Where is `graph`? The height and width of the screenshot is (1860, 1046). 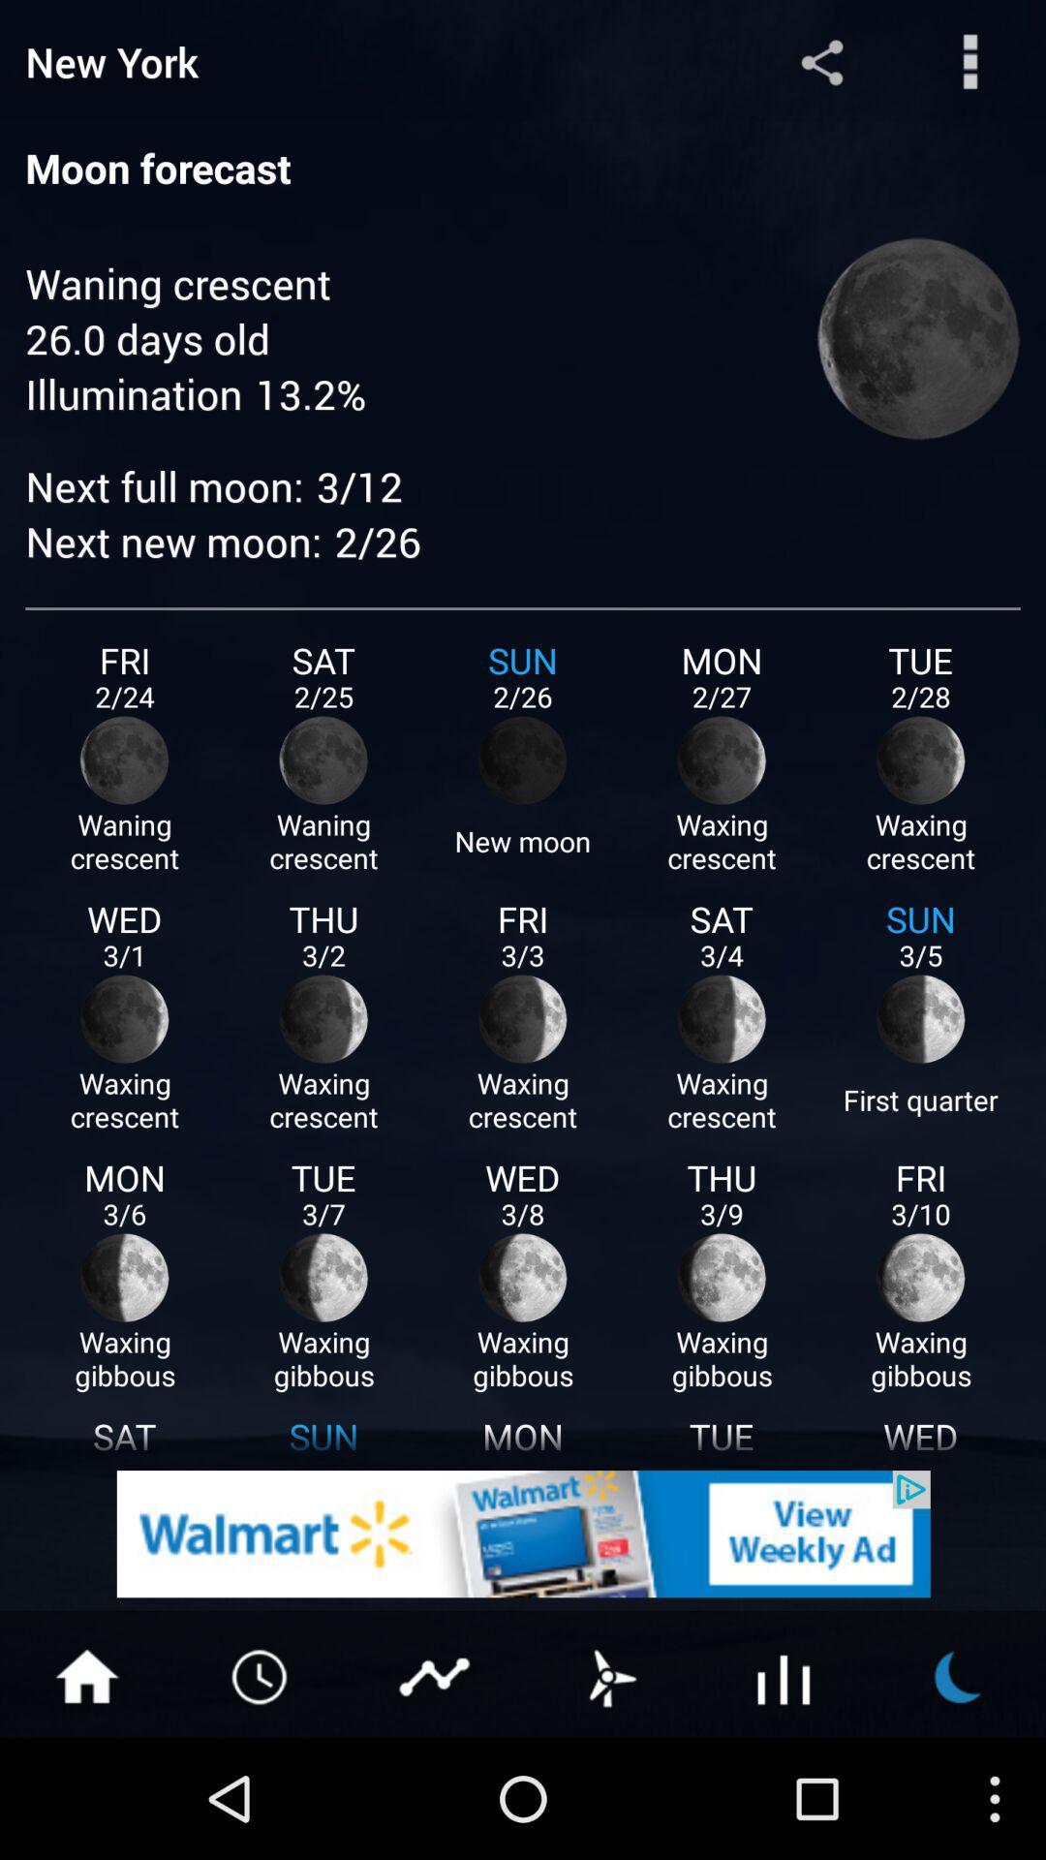
graph is located at coordinates (436, 1674).